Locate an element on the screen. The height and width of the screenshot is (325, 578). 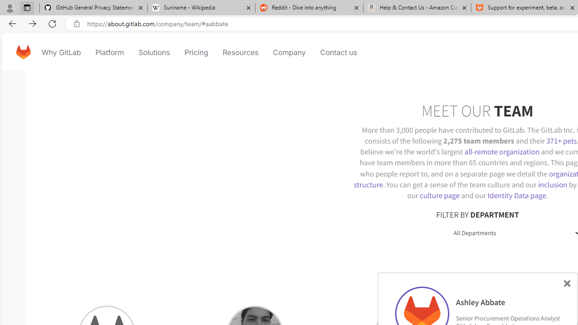
'Pricing' is located at coordinates (195, 52).